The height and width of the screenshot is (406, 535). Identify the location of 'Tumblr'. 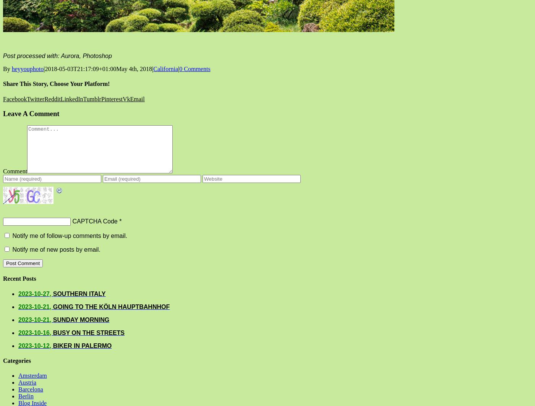
(92, 99).